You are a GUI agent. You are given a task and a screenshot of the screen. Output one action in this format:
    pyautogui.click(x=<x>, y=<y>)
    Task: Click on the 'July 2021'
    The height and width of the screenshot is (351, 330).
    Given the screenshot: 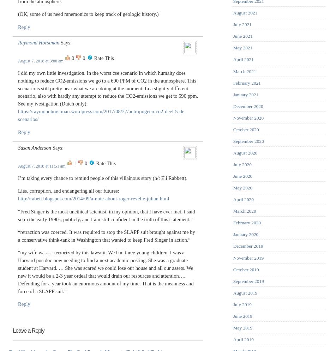 What is the action you would take?
    pyautogui.click(x=242, y=24)
    